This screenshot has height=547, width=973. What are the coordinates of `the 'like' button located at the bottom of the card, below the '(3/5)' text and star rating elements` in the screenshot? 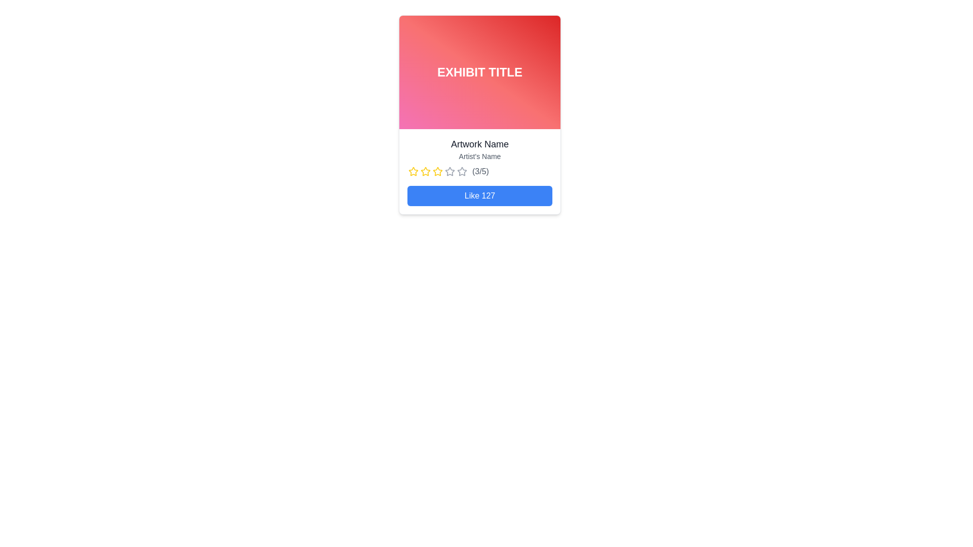 It's located at (479, 196).